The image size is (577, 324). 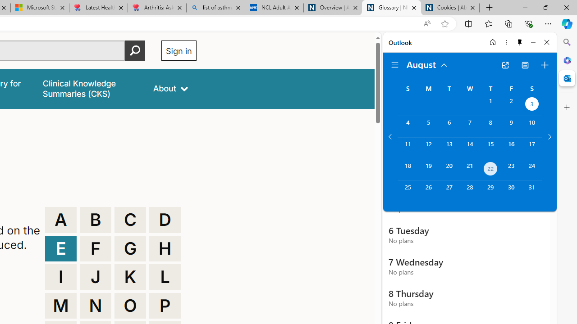 I want to click on 'Wednesday, August 28, 2024. ', so click(x=469, y=191).